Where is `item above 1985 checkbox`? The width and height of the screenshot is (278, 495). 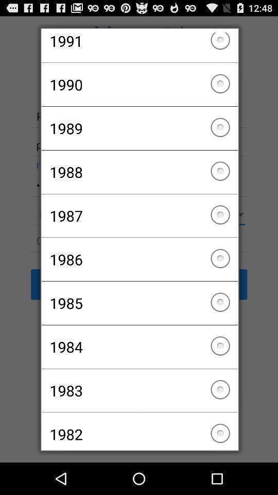
item above 1985 checkbox is located at coordinates (139, 259).